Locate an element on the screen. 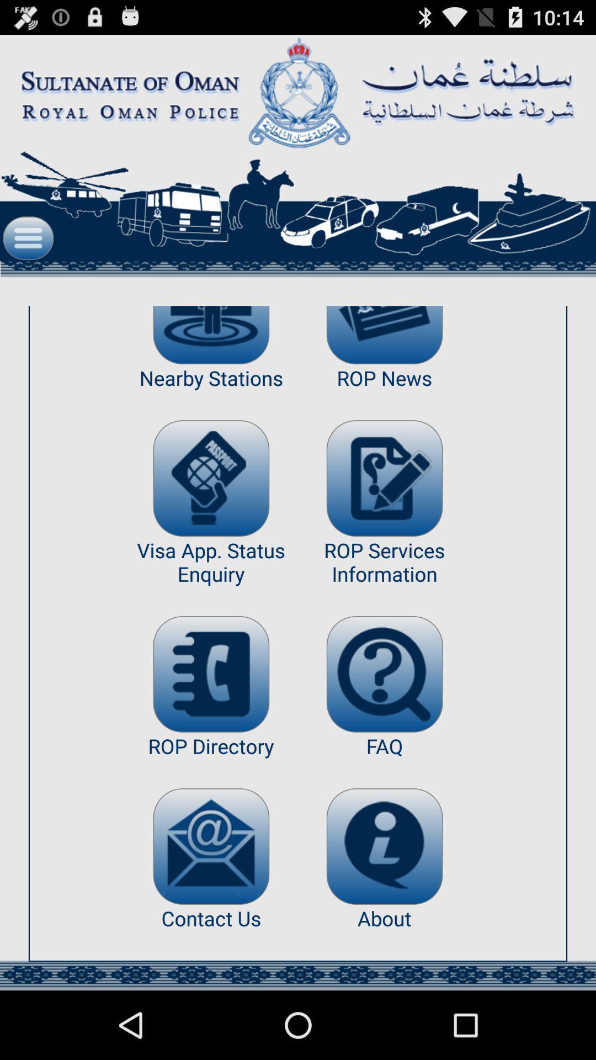  open manual or data is located at coordinates (384, 674).